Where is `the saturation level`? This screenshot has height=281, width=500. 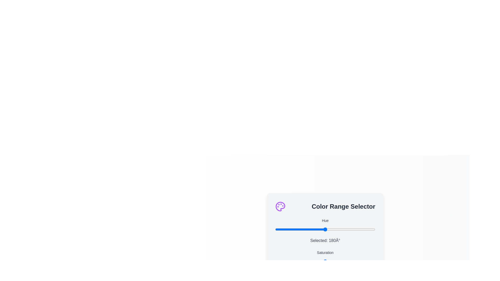 the saturation level is located at coordinates (297, 261).